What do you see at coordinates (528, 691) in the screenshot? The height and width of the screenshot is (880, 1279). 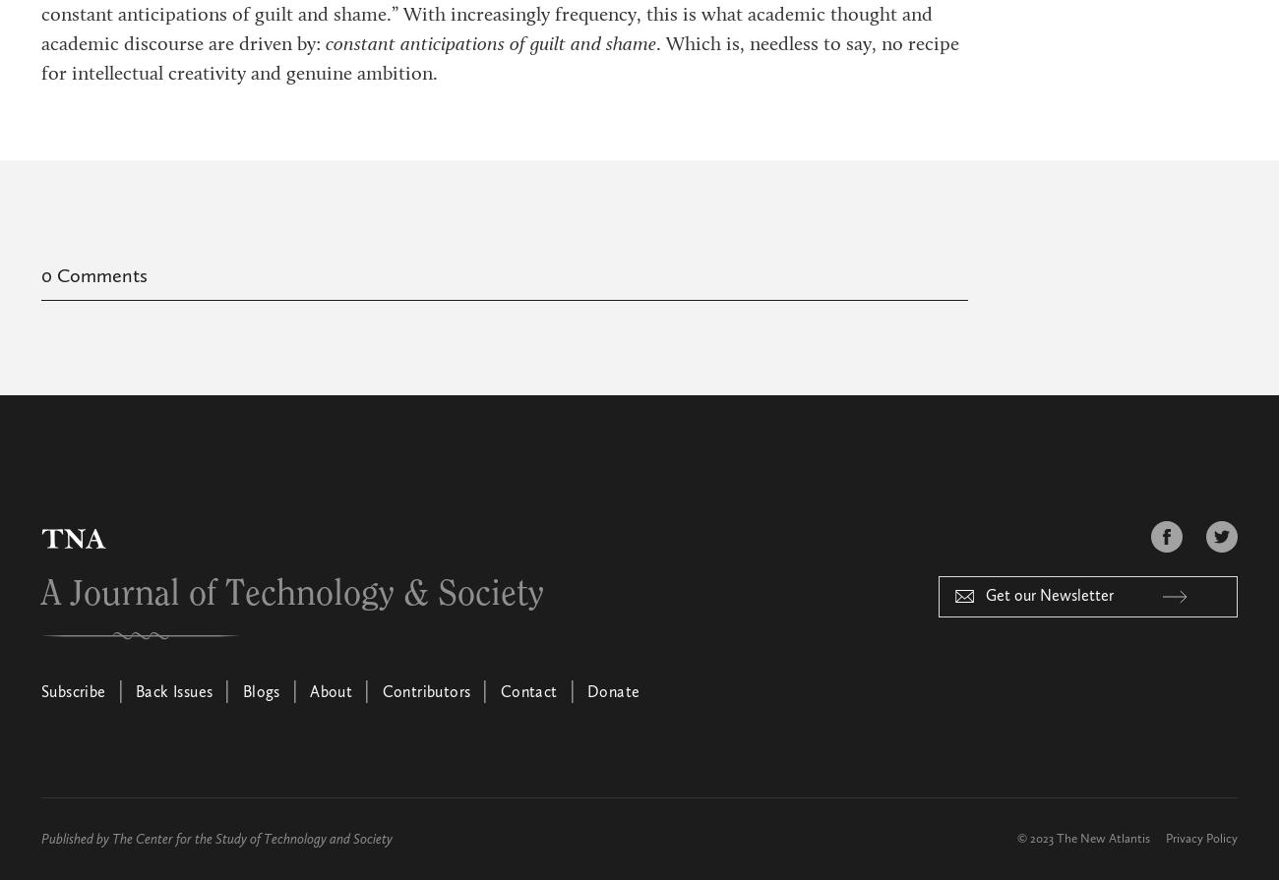 I see `'Contact'` at bounding box center [528, 691].